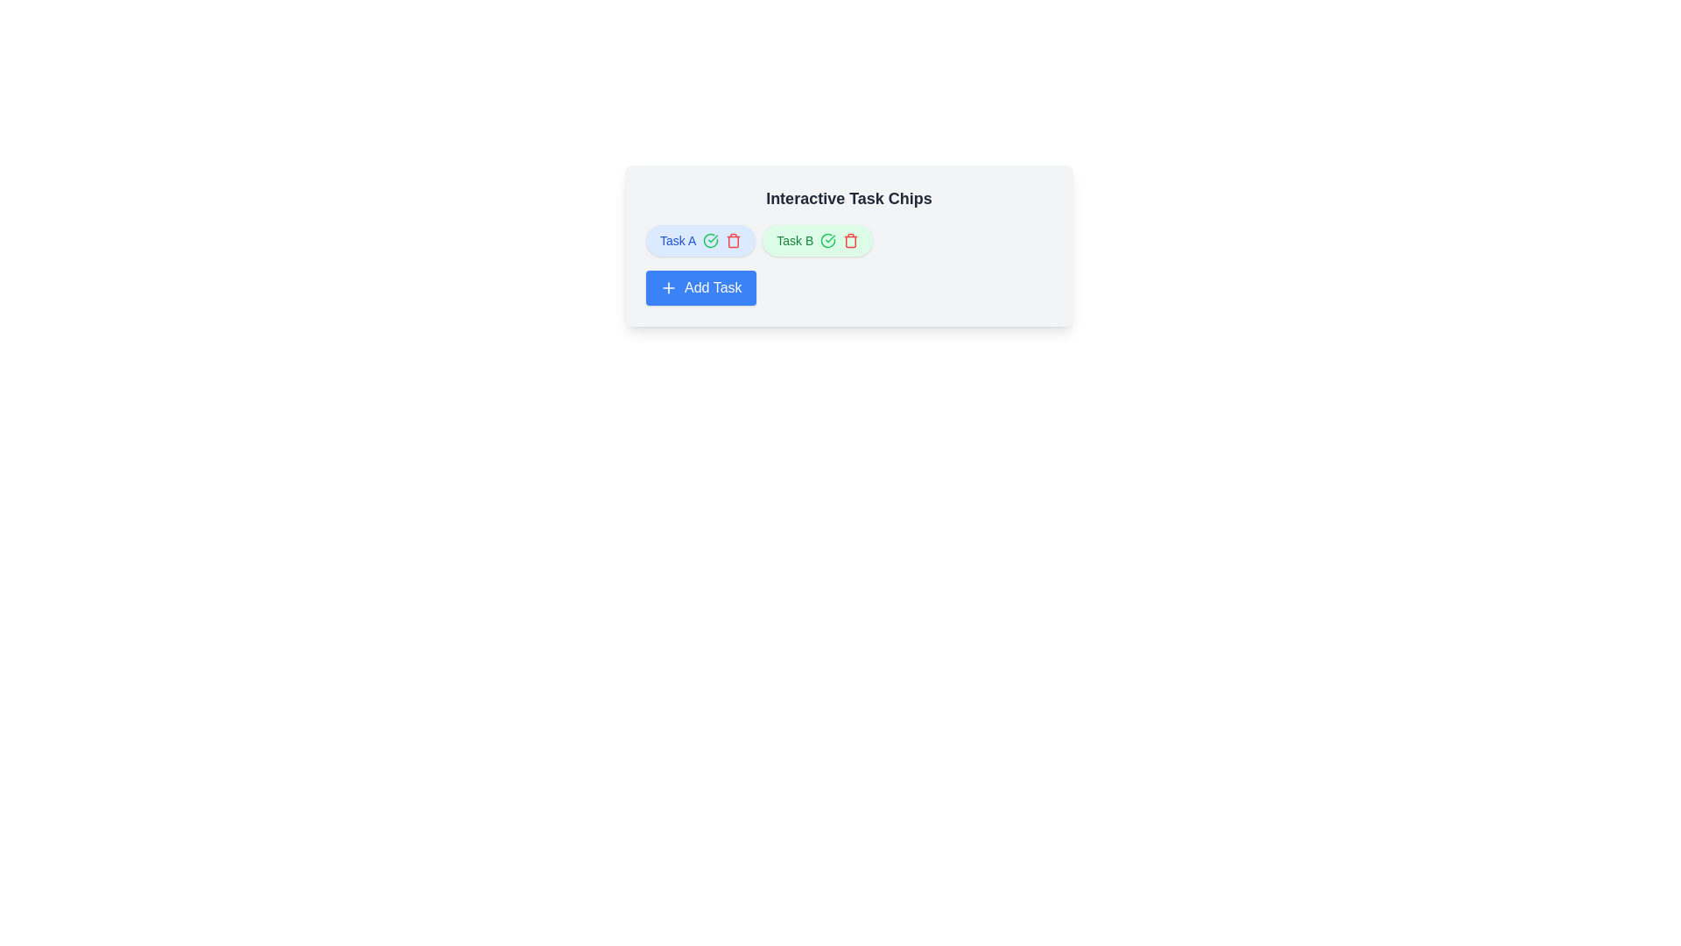  I want to click on the green circular button with a checkmark inside, located to the right of the 'Task B' label, to confirm the task, so click(827, 240).